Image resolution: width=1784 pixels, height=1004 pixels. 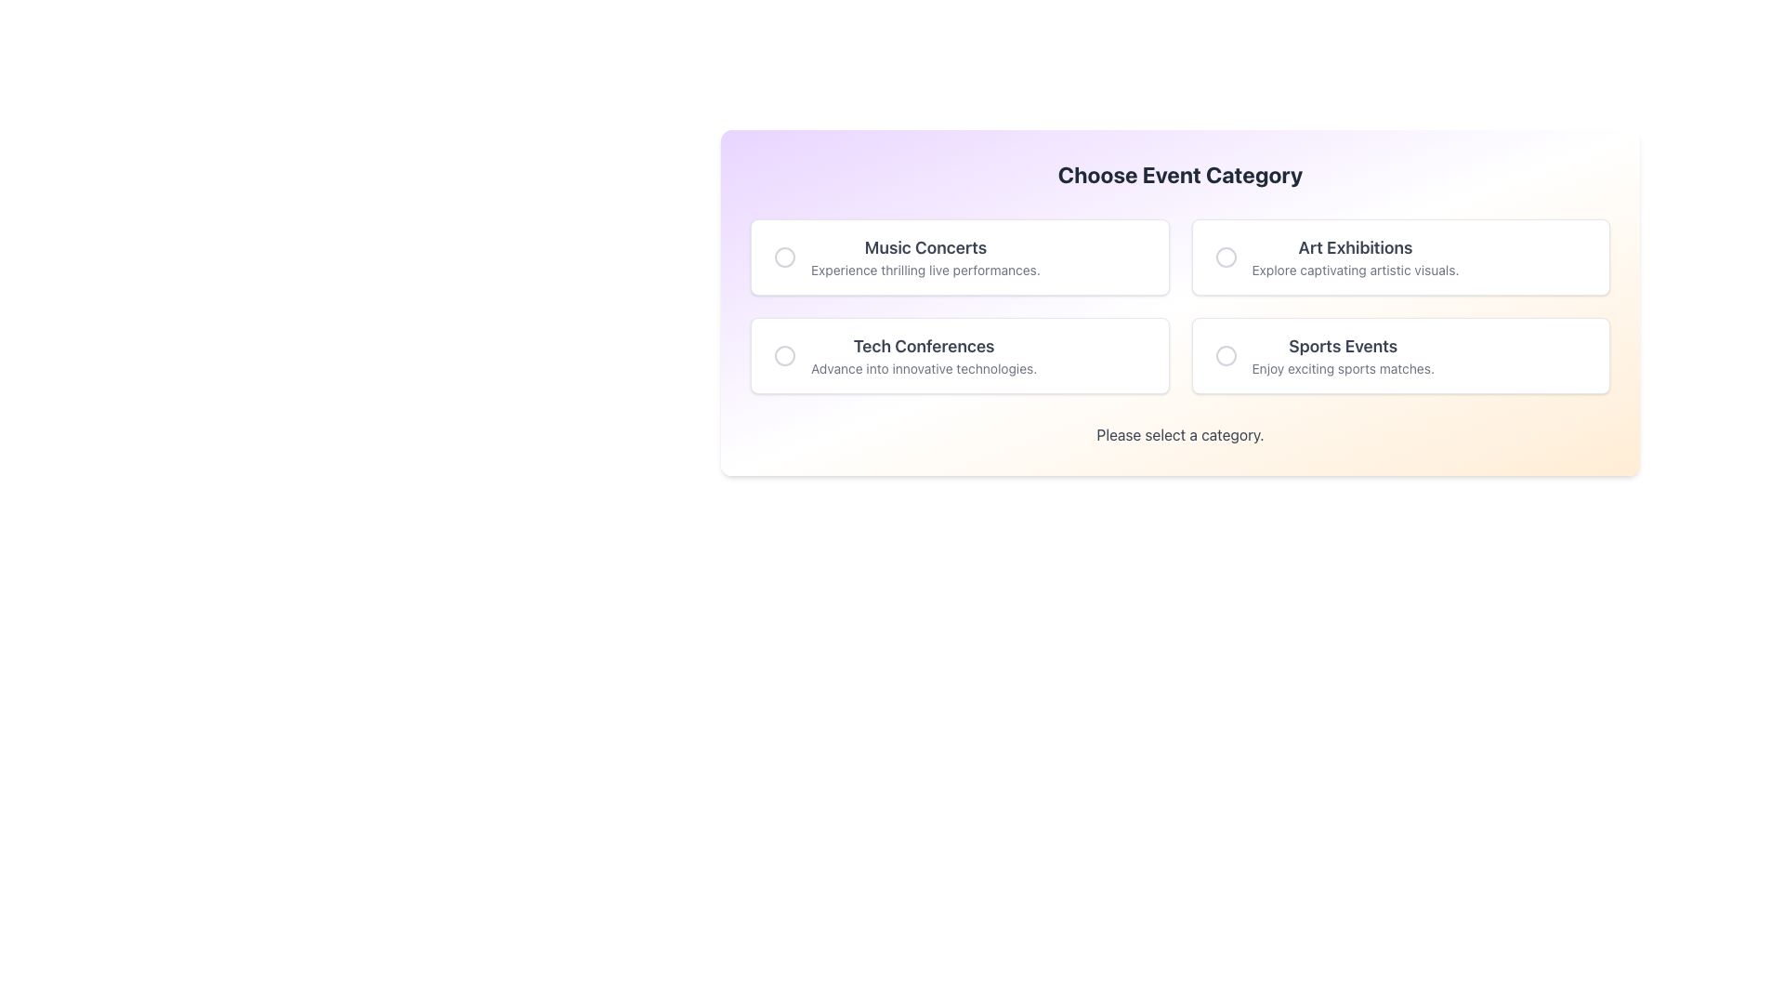 What do you see at coordinates (784, 258) in the screenshot?
I see `the circular radio button with a gray outline and white fill, located to the left of the 'Music Concerts' text in the 'Choose Event Category' selection interface` at bounding box center [784, 258].